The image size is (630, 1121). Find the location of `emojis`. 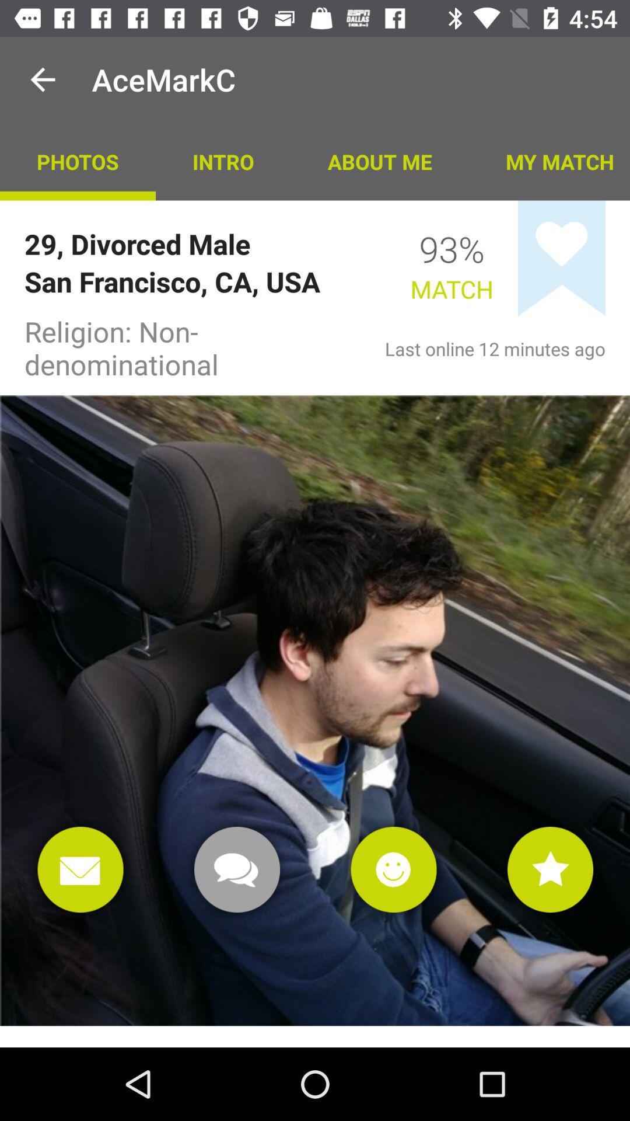

emojis is located at coordinates (394, 869).